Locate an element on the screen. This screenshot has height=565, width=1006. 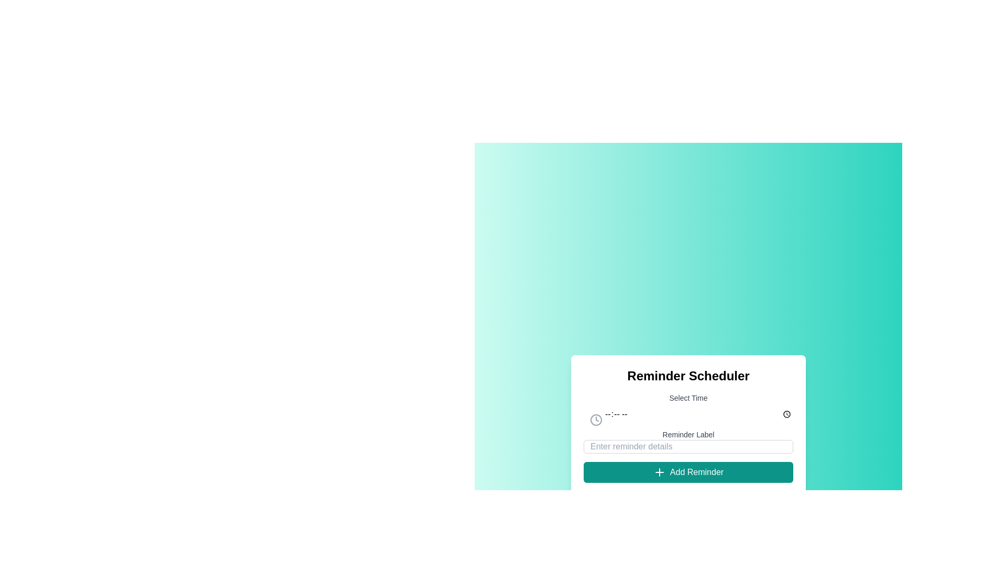
the plus sign icon on the left side of the 'Add Reminder' button is located at coordinates (659, 472).